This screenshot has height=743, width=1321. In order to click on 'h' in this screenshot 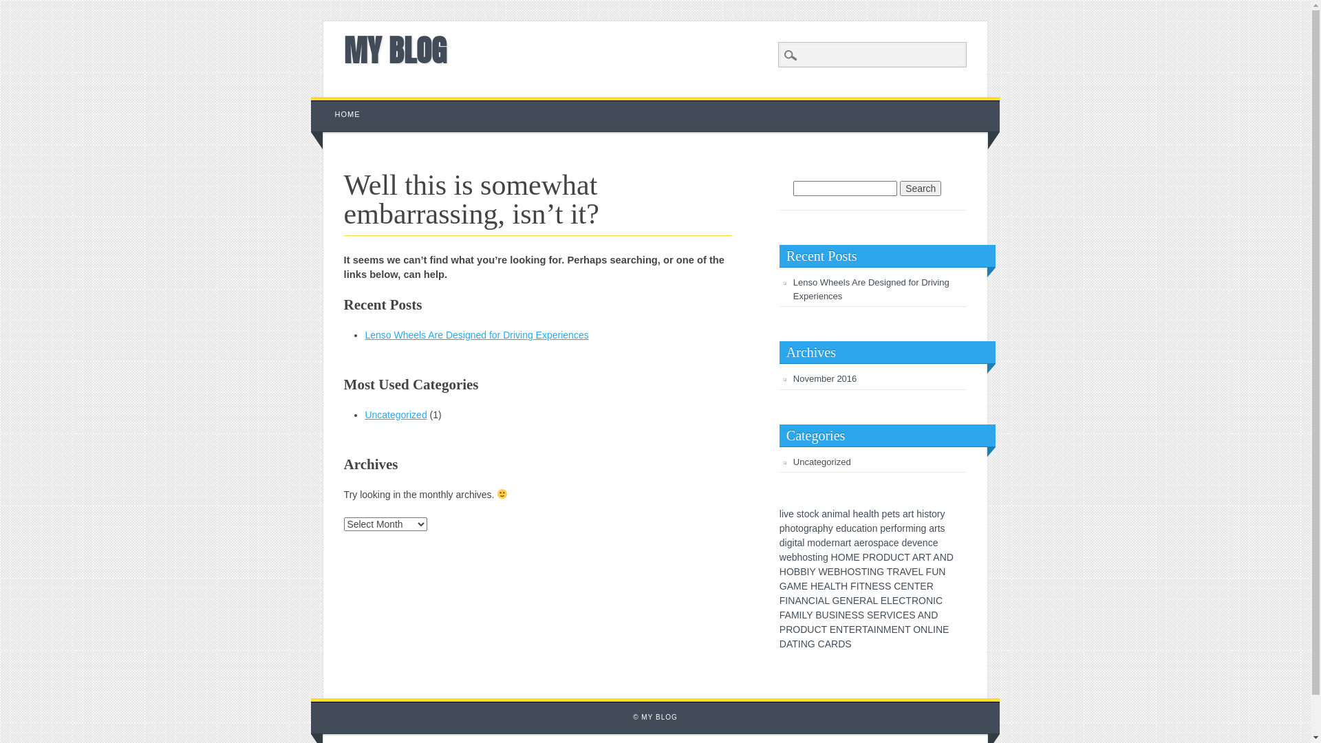, I will do `click(919, 514)`.